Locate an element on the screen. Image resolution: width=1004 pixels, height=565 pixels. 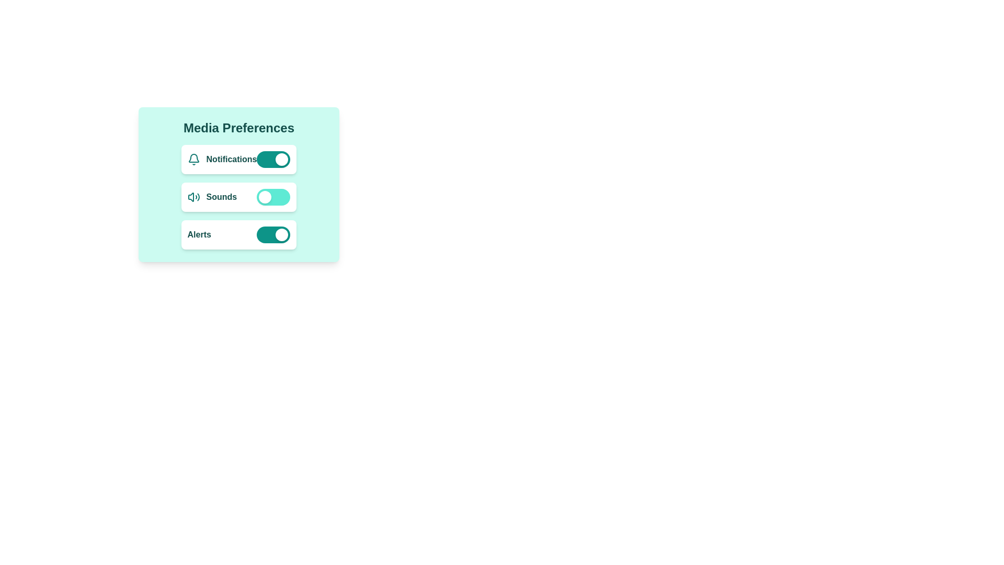
the header text 'Media Preferences', which is styled with a bold, large dark teal font and positioned at the top center of a light teal card is located at coordinates (238, 128).